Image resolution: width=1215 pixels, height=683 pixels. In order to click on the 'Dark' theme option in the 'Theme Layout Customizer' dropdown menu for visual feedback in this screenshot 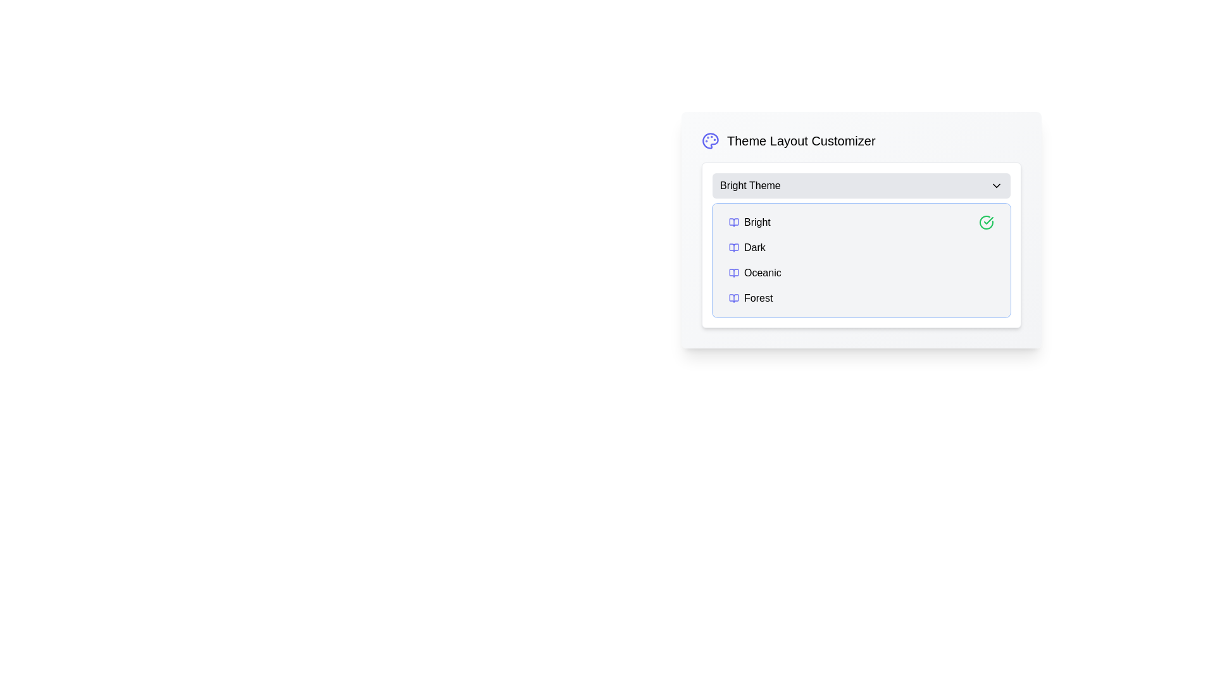, I will do `click(861, 248)`.